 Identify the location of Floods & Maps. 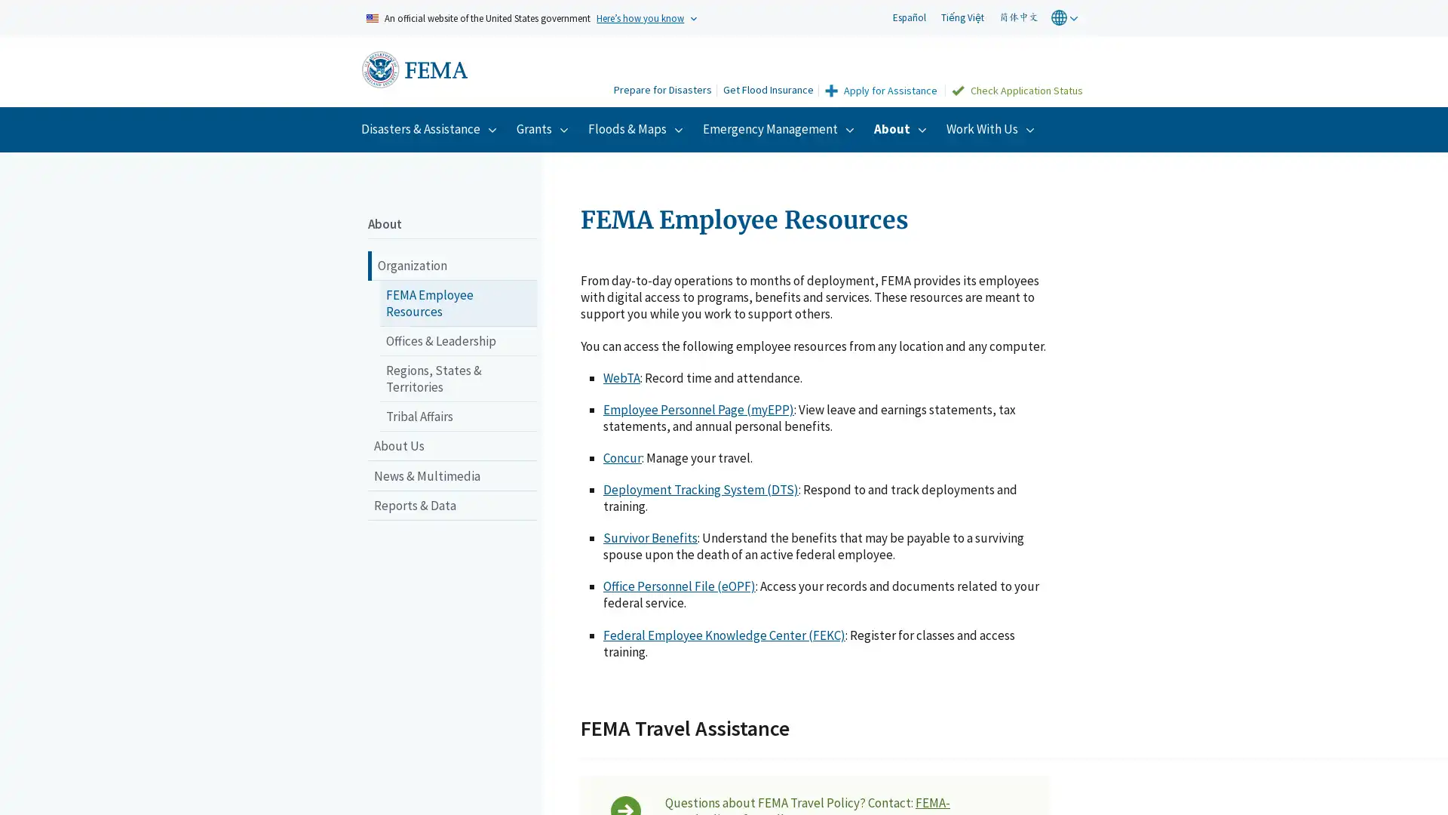
(637, 128).